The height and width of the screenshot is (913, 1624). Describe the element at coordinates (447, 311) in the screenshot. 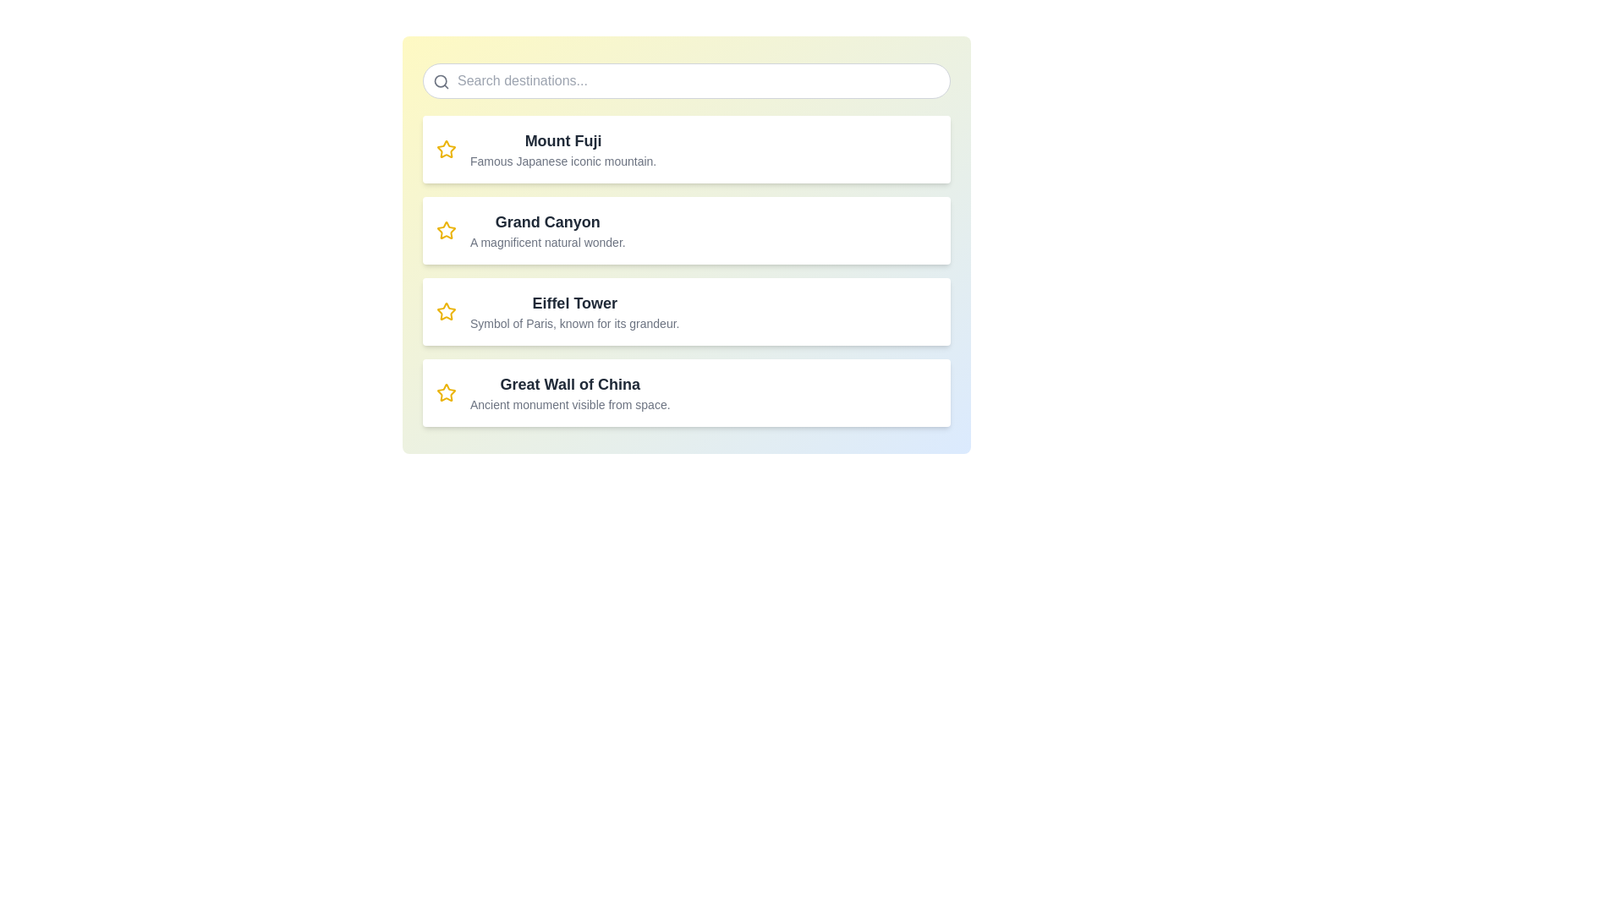

I see `on the hollow golden yellow star-shaped toggle icon next` at that location.